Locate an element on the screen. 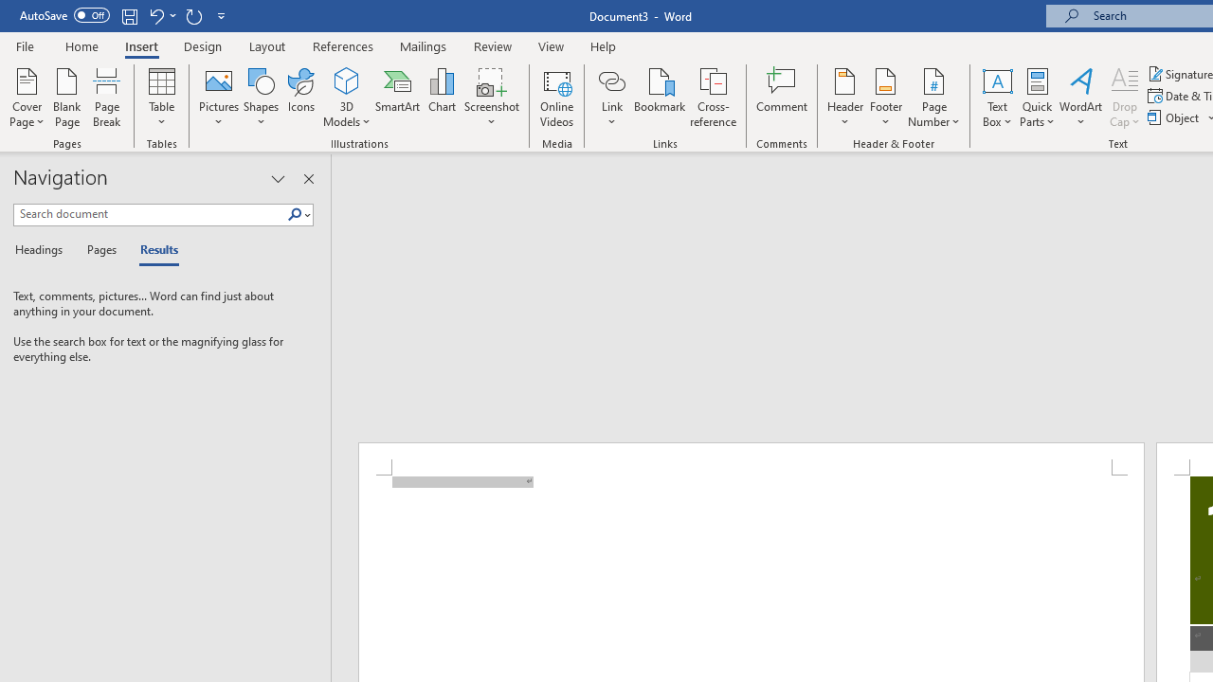 This screenshot has width=1213, height=682. 'Pictures' is located at coordinates (219, 98).